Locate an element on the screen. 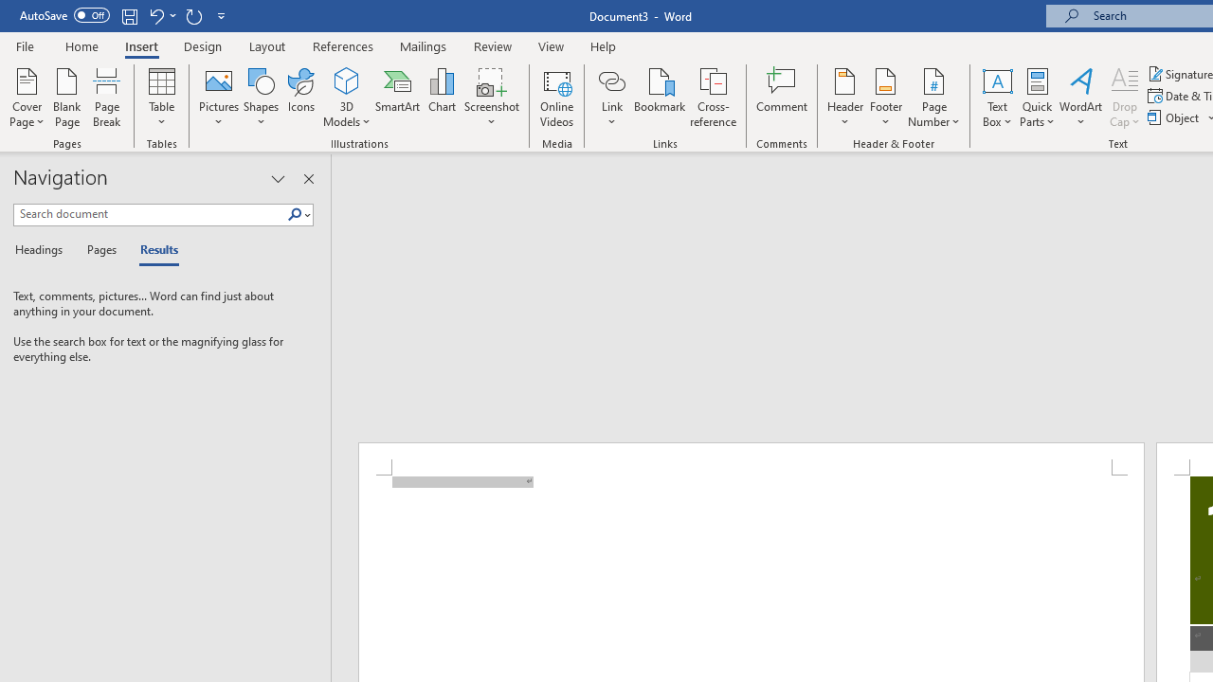 This screenshot has width=1213, height=682. 'Pictures' is located at coordinates (219, 98).